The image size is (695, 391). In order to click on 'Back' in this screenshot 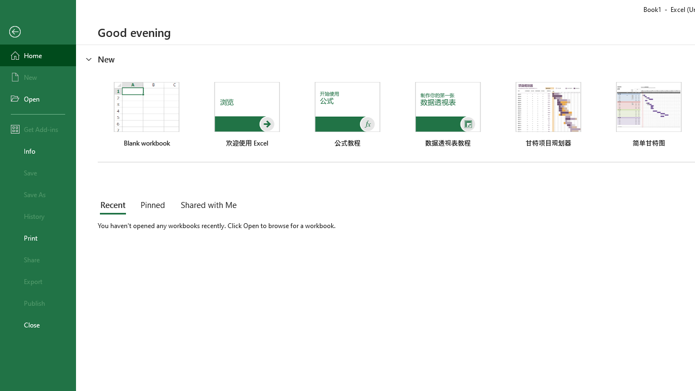, I will do `click(37, 31)`.